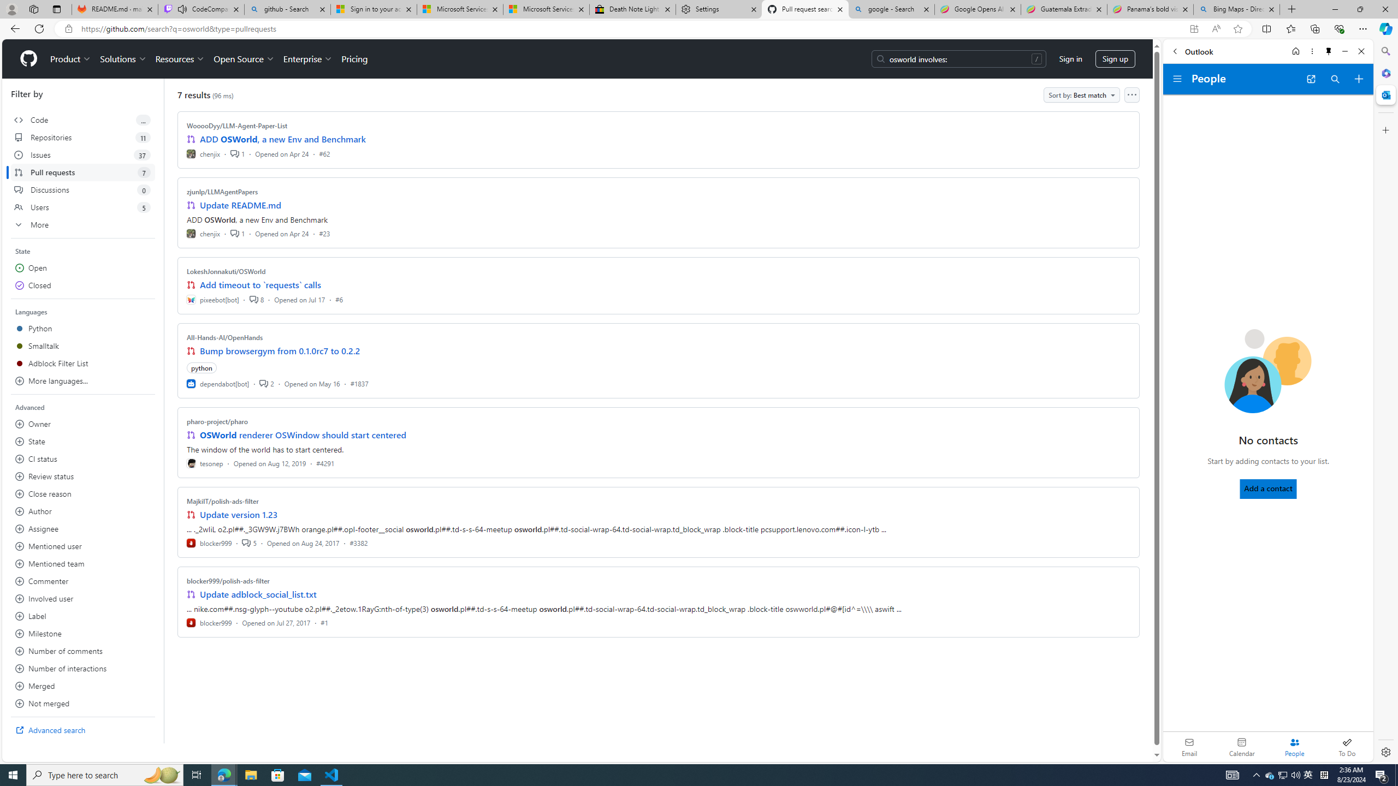 The height and width of the screenshot is (786, 1398). Describe the element at coordinates (1193, 29) in the screenshot. I see `'App available. Install GitHub'` at that location.